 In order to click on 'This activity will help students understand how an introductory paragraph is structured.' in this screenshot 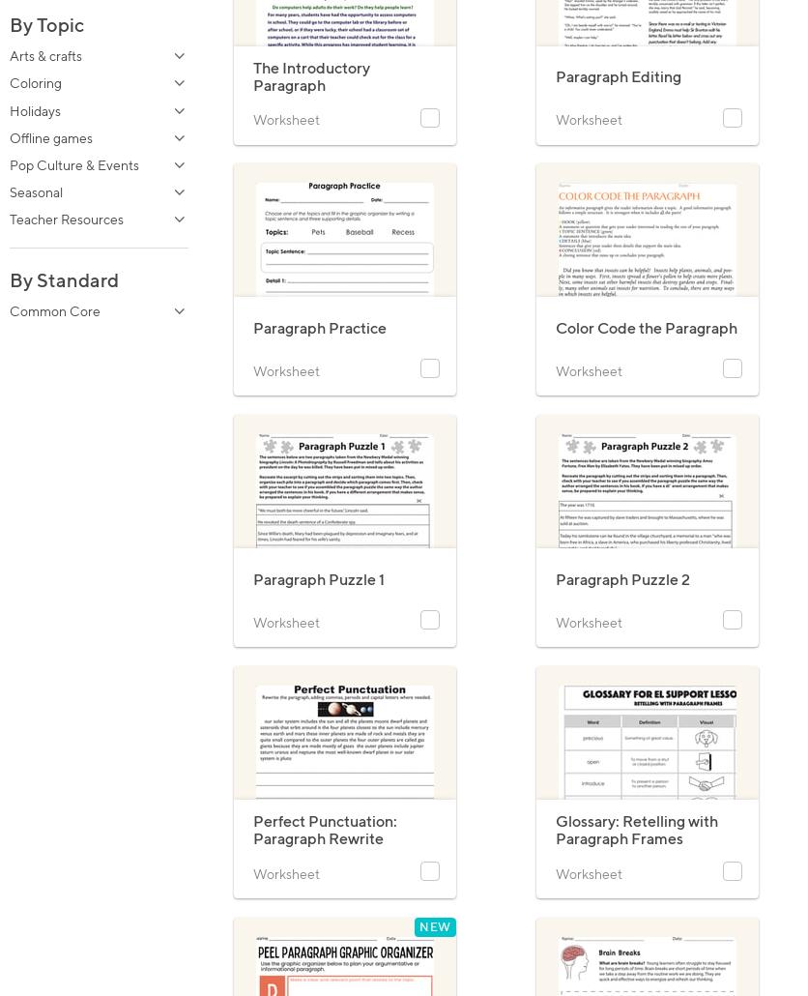, I will do `click(251, 130)`.